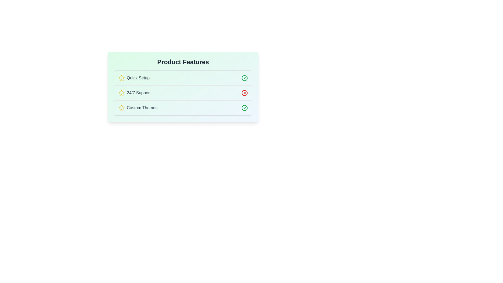 The width and height of the screenshot is (503, 283). What do you see at coordinates (183, 78) in the screenshot?
I see `the list item corresponding to Quick Setup` at bounding box center [183, 78].